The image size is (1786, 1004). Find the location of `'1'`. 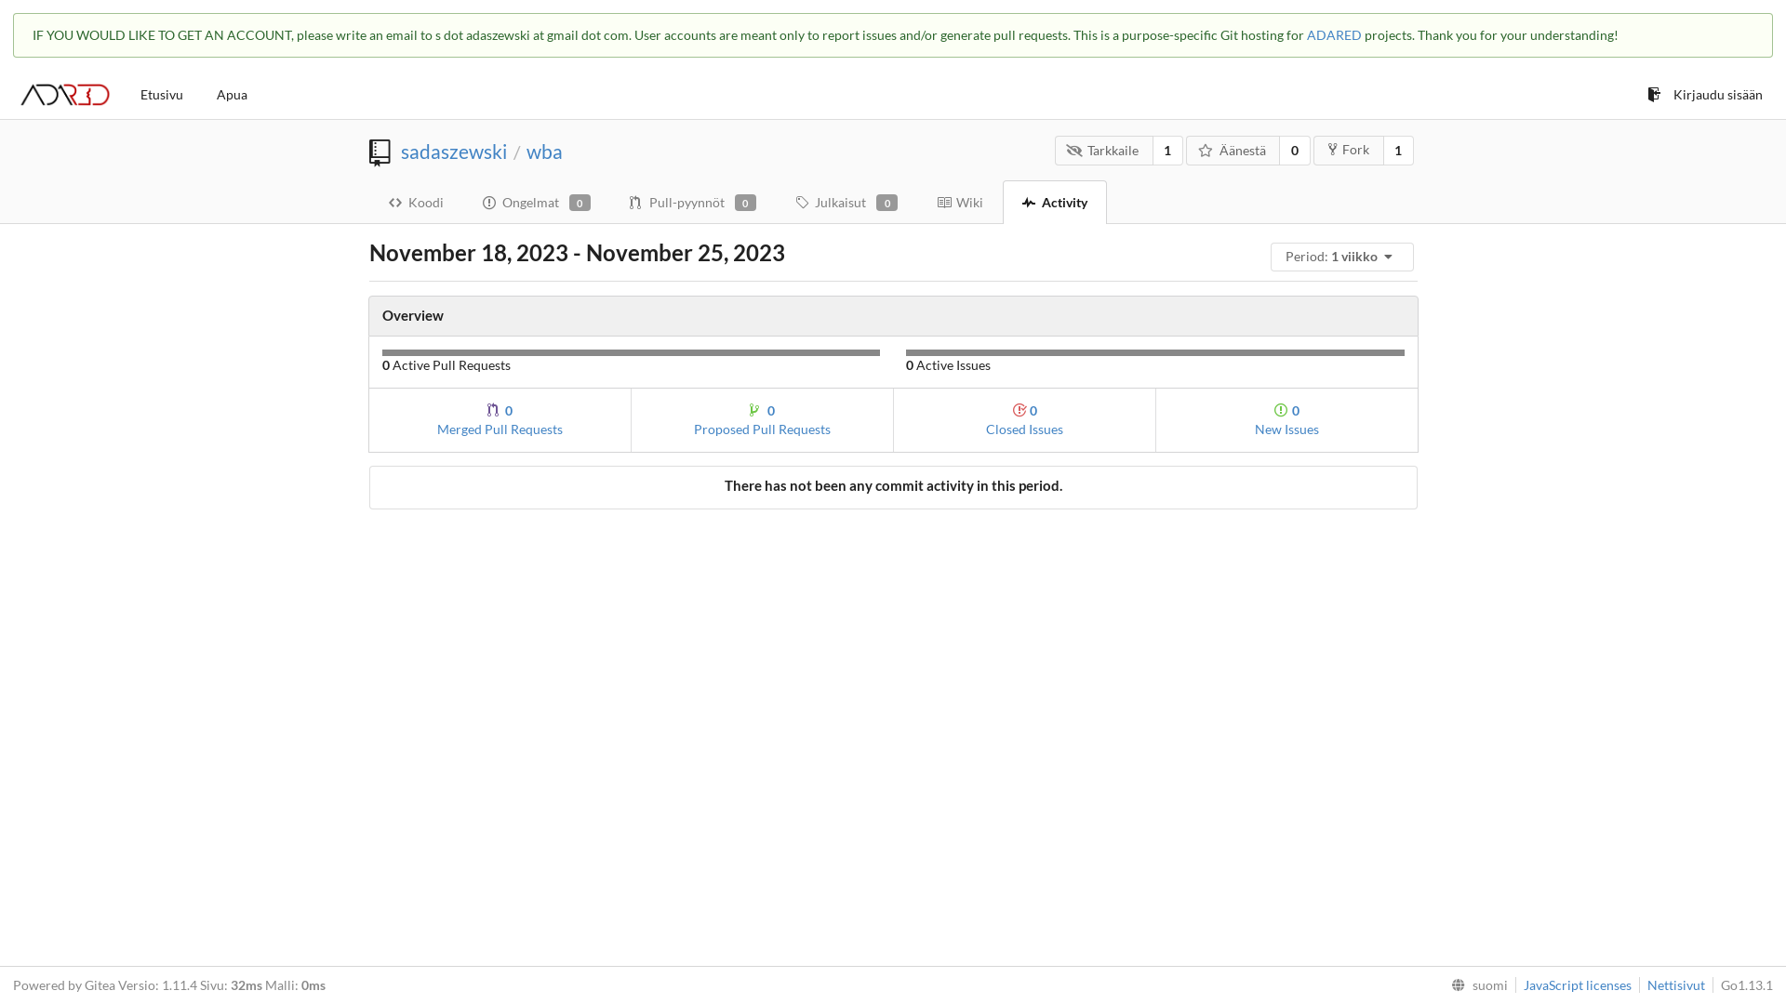

'1' is located at coordinates (1167, 150).